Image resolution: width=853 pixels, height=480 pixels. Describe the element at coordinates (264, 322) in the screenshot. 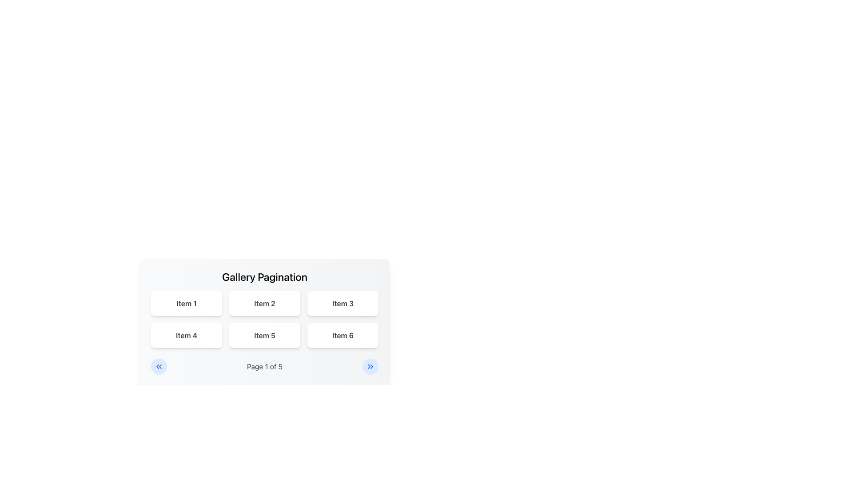

I see `the grid item located in the second row and second column of the 'Gallery Pagination' panel` at that location.